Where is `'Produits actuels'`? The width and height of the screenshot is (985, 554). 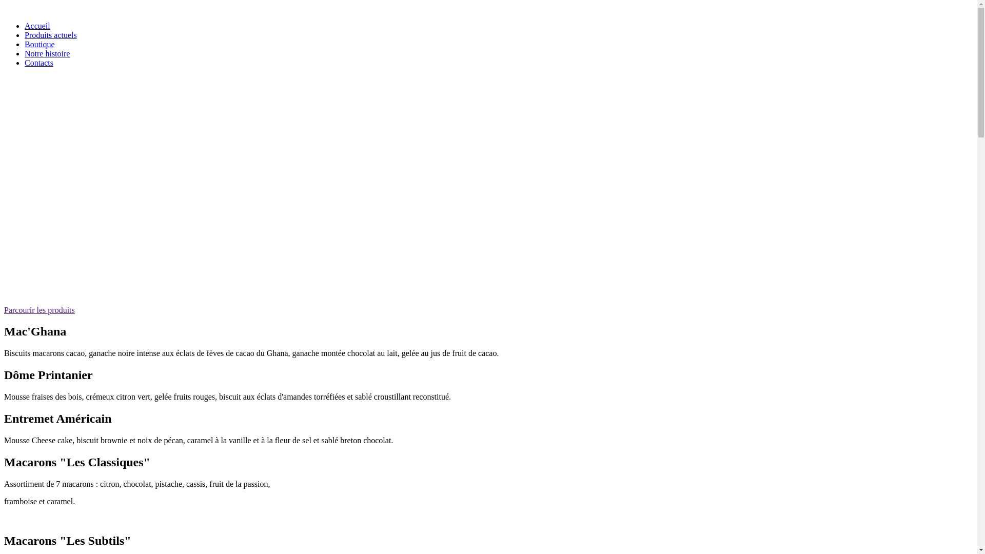
'Produits actuels' is located at coordinates (50, 34).